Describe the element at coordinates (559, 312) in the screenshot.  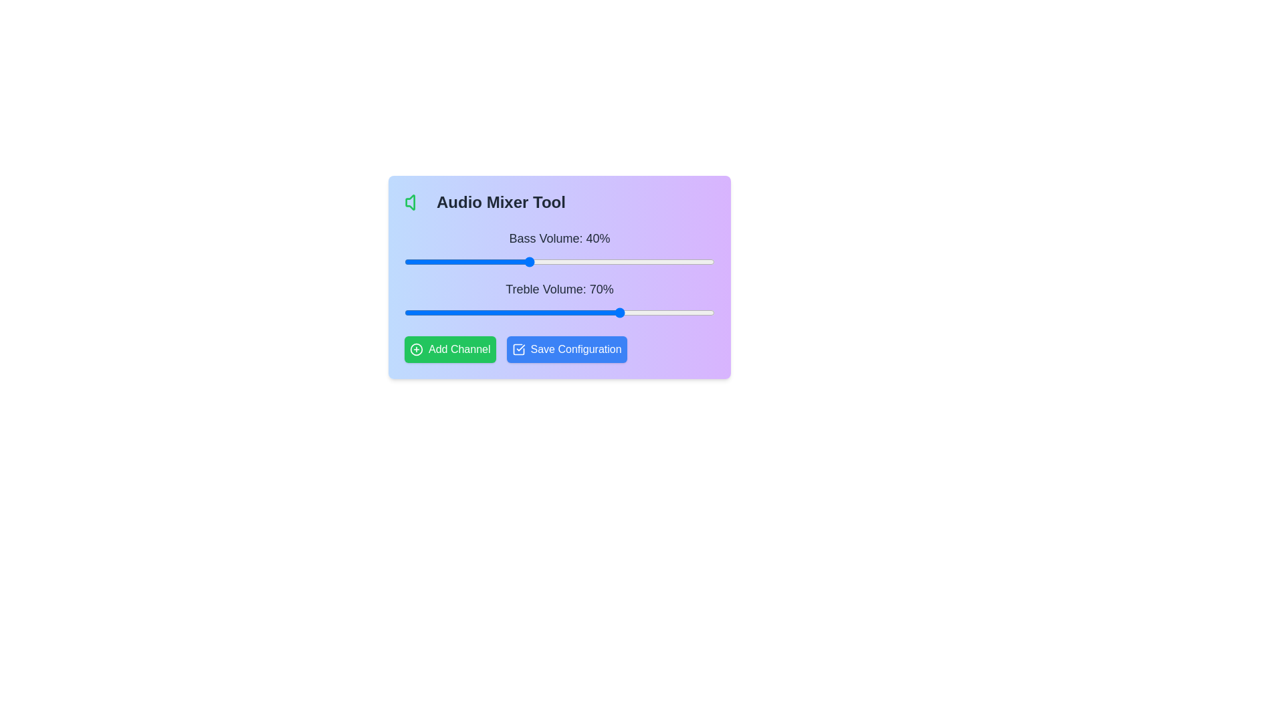
I see `treble volume` at that location.